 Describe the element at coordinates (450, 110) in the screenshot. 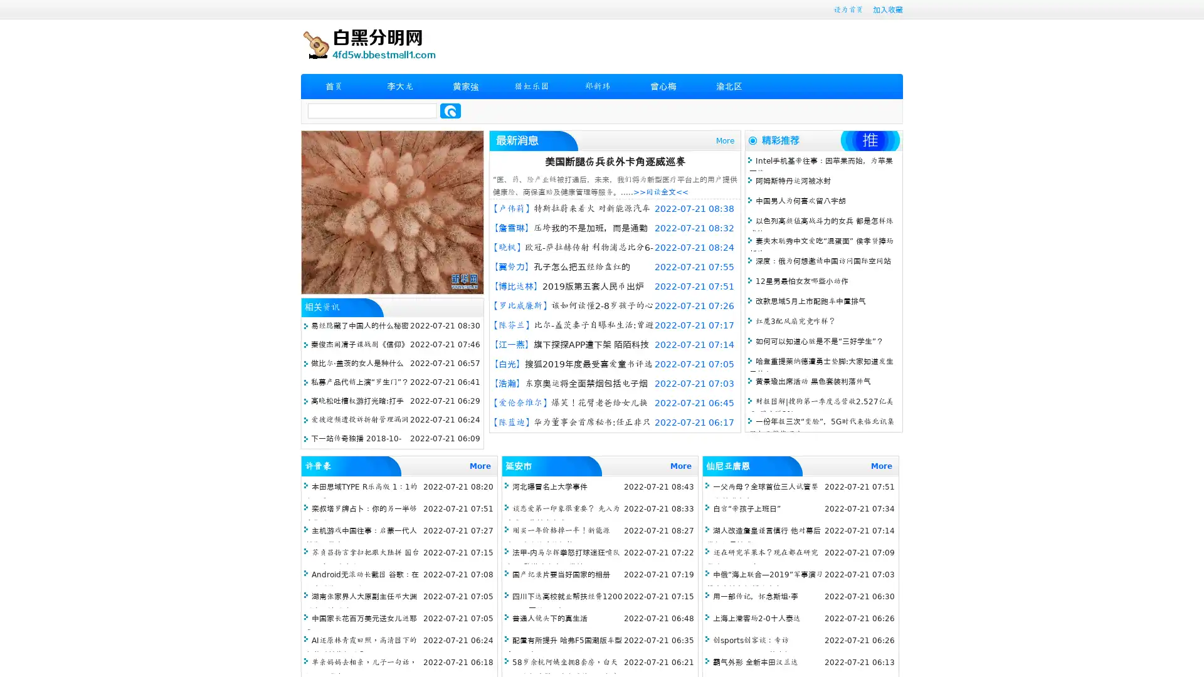

I see `Search` at that location.